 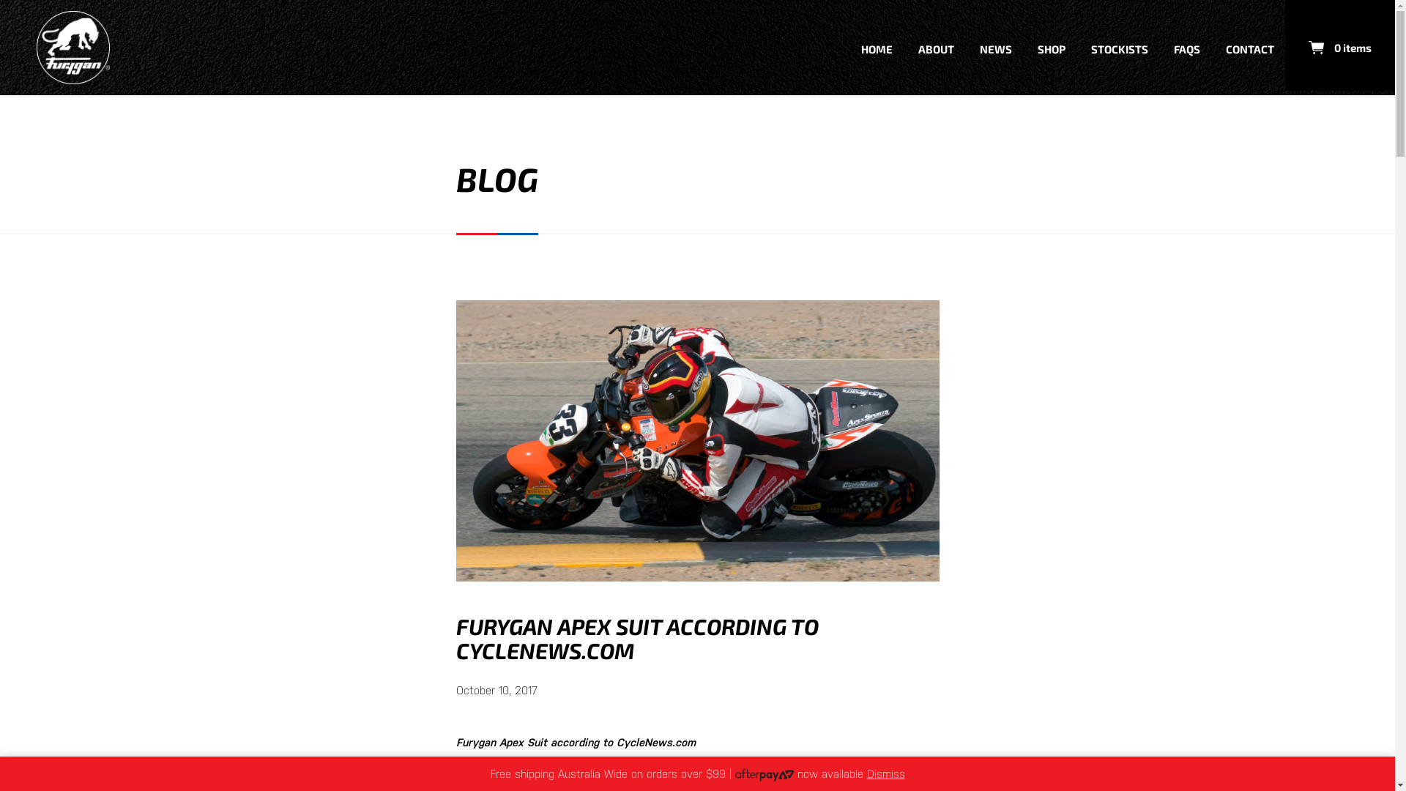 What do you see at coordinates (1226, 46) in the screenshot?
I see `'CONTACT'` at bounding box center [1226, 46].